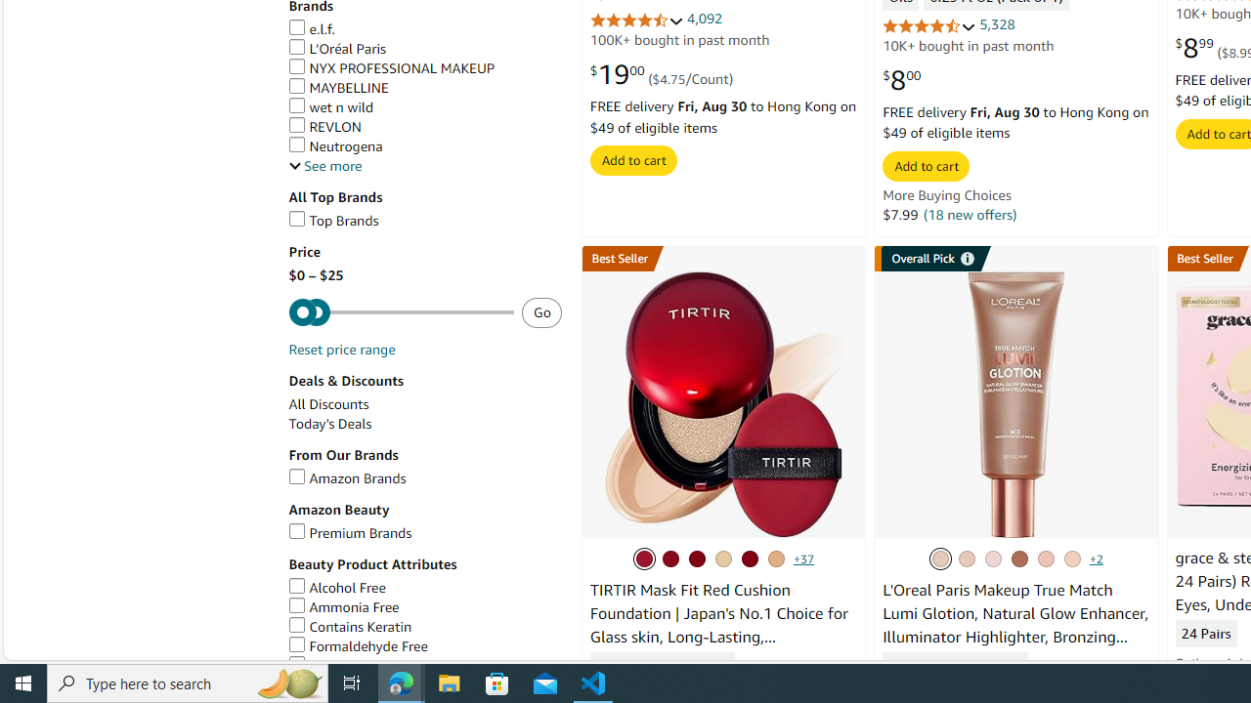 The width and height of the screenshot is (1251, 703). I want to click on 'Top Brands', so click(333, 220).